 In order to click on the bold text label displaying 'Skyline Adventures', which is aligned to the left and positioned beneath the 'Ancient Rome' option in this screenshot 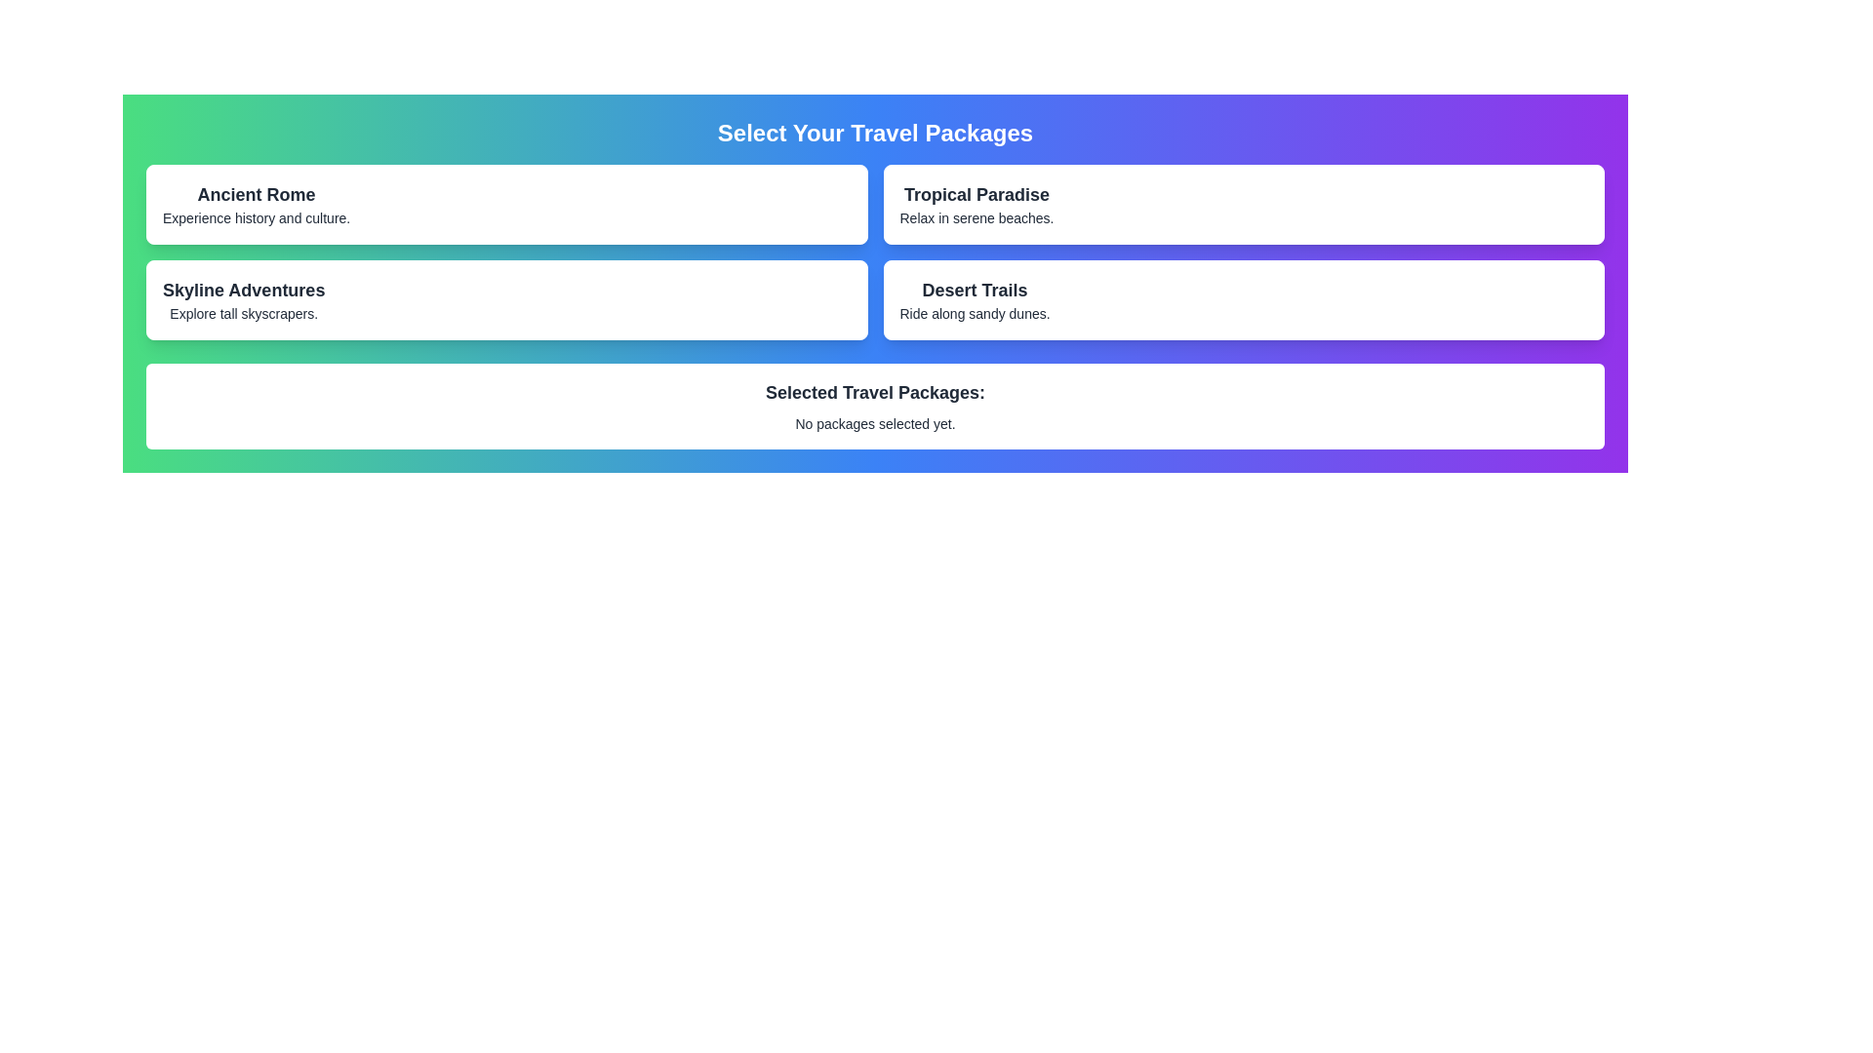, I will do `click(243, 290)`.